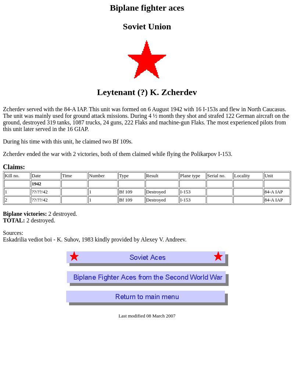  I want to click on 'Kill no.', so click(12, 175).